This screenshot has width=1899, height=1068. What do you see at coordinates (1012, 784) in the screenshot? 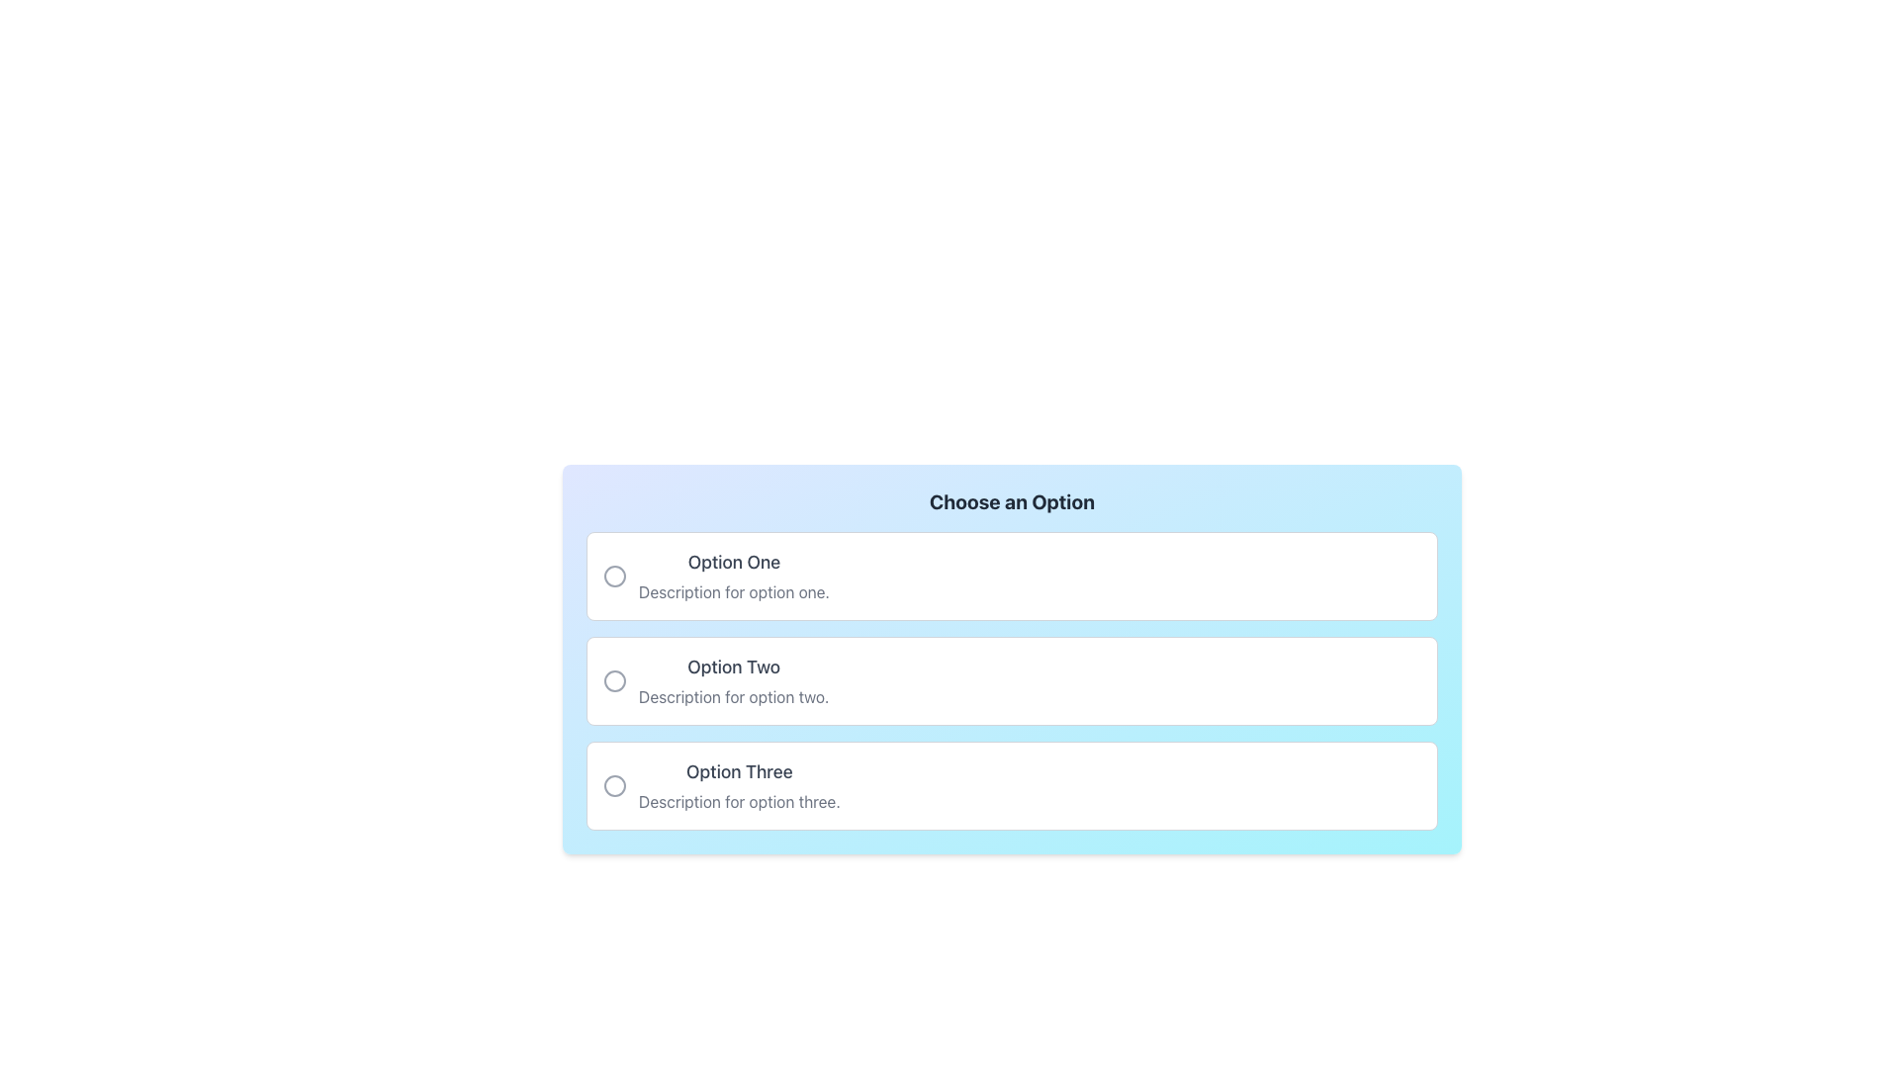
I see `the third selectable item in the list labeled 'Option Three'` at bounding box center [1012, 784].